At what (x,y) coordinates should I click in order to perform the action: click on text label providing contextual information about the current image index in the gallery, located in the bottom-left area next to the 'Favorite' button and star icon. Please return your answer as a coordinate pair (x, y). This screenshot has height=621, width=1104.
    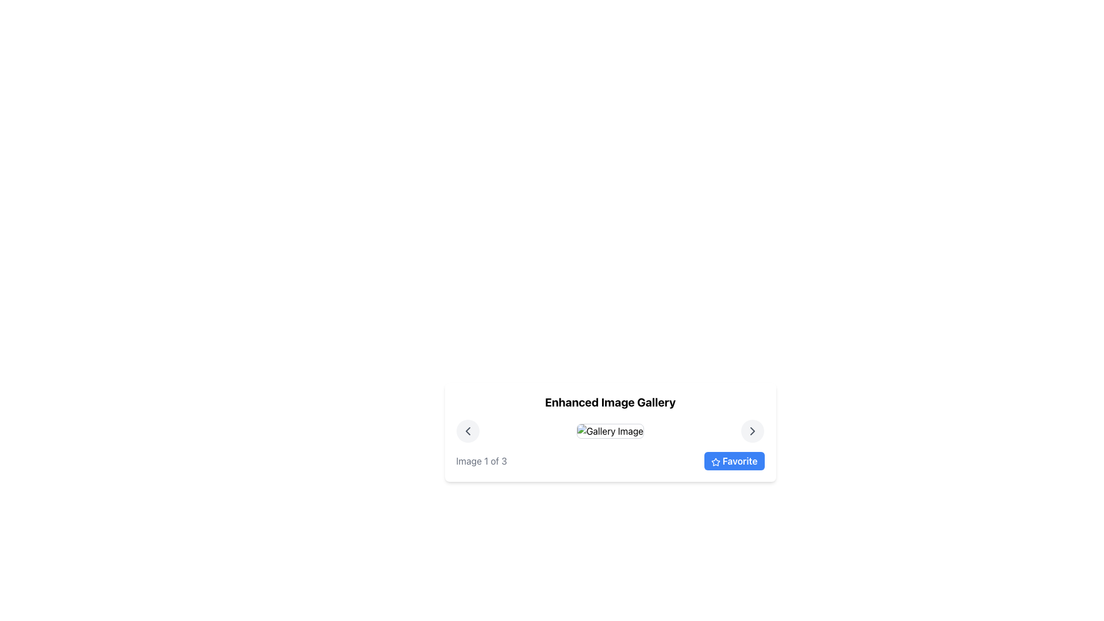
    Looking at the image, I should click on (481, 461).